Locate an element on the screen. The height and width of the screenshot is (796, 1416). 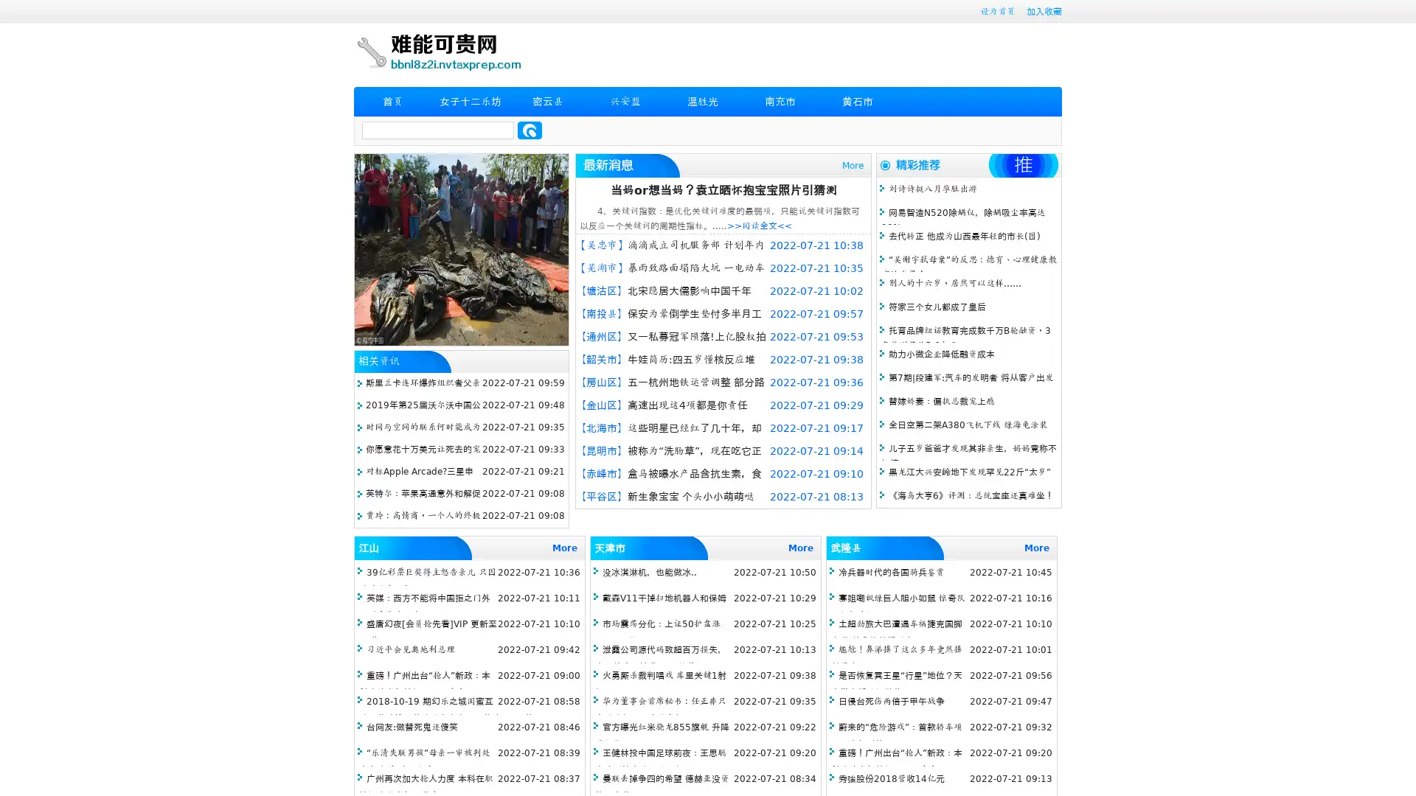
Search is located at coordinates (530, 130).